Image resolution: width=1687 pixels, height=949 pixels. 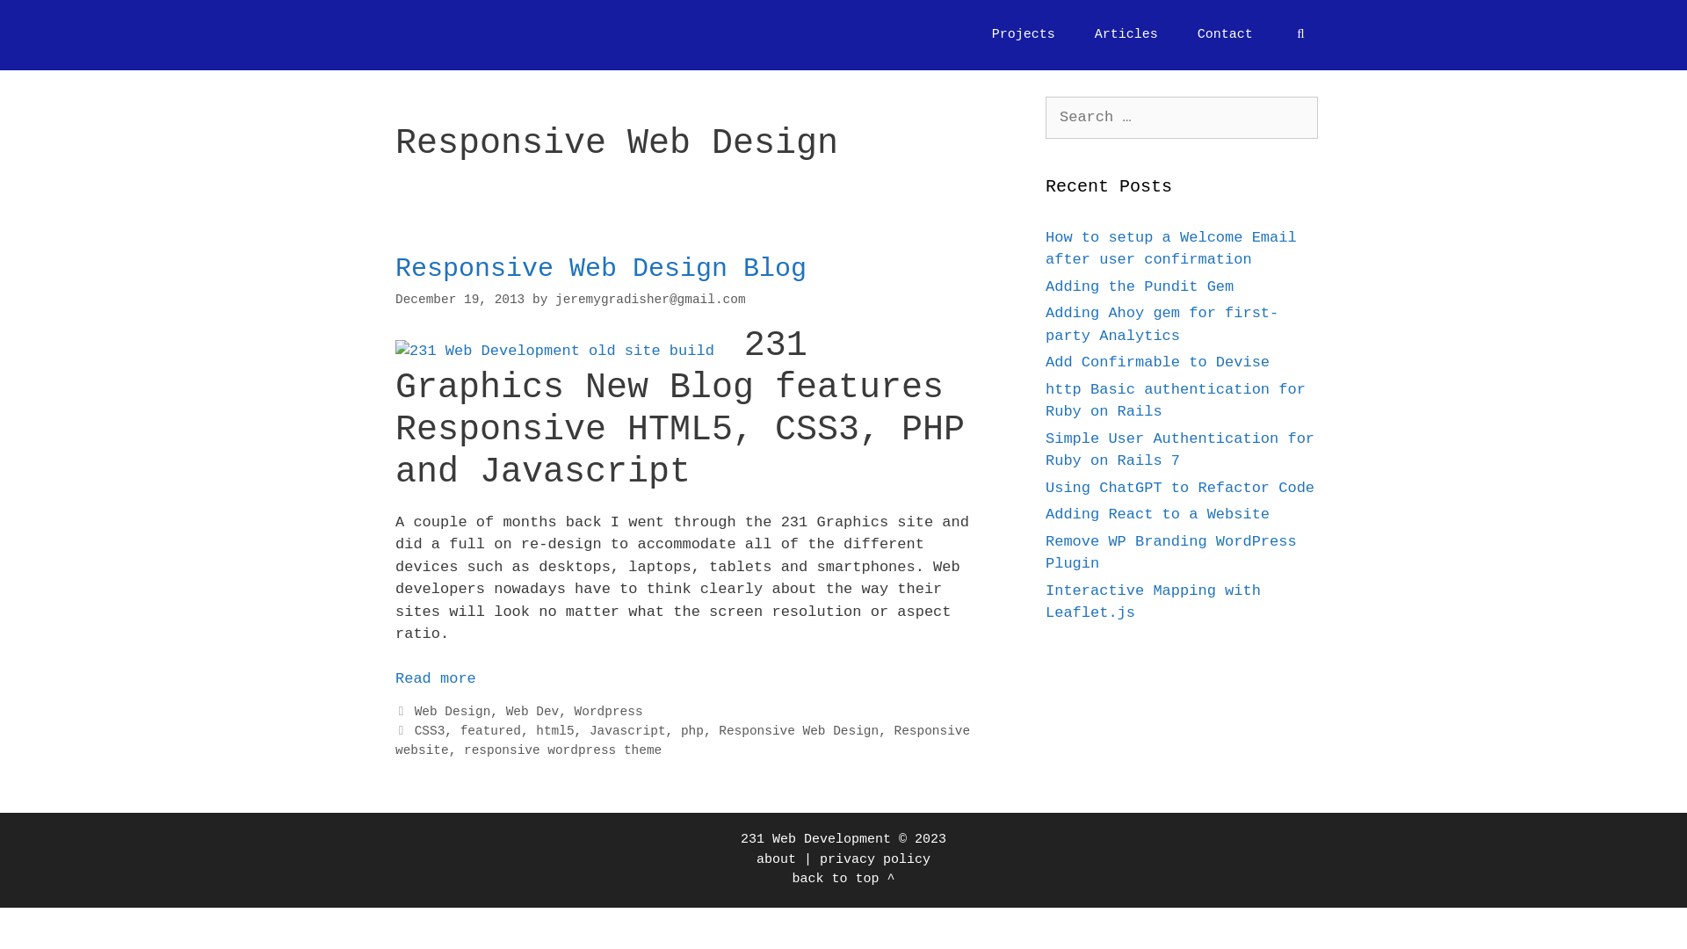 What do you see at coordinates (1153, 600) in the screenshot?
I see `'Interactive Mapping with Leaflet.js'` at bounding box center [1153, 600].